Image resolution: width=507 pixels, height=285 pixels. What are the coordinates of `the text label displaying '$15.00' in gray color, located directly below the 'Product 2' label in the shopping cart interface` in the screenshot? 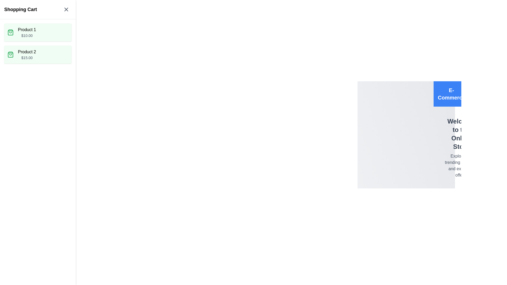 It's located at (27, 58).